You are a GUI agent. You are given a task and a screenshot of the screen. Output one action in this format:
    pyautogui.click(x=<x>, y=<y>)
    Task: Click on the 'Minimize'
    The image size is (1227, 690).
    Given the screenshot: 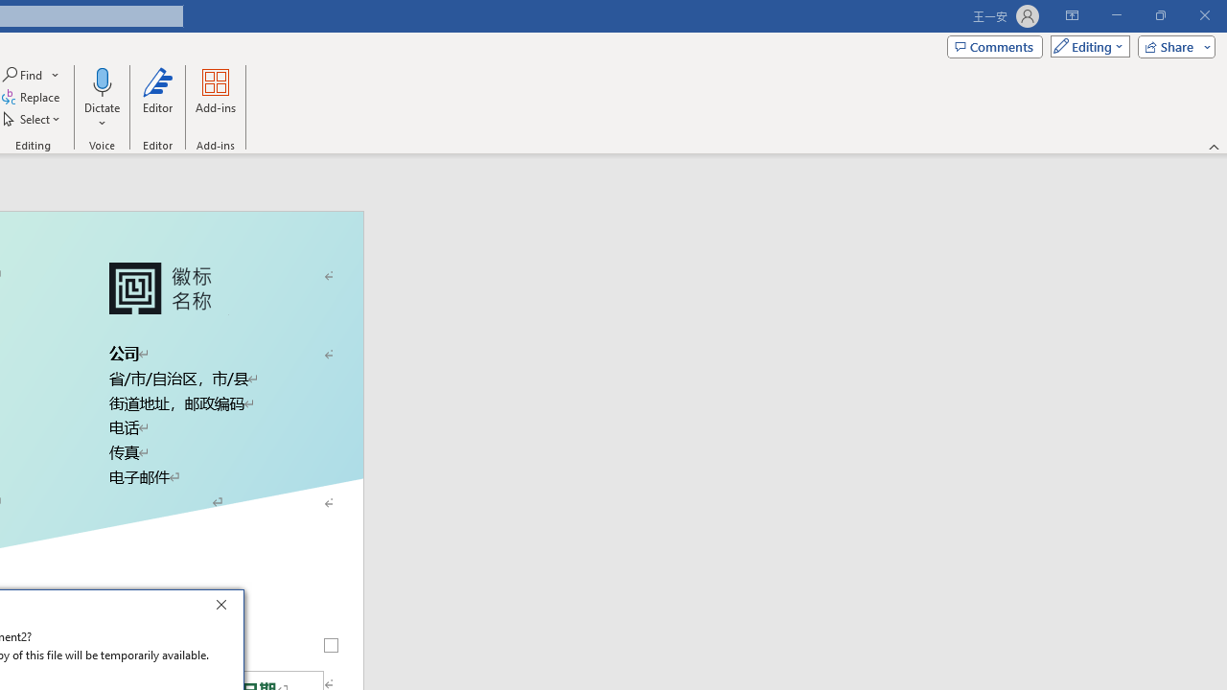 What is the action you would take?
    pyautogui.click(x=1116, y=15)
    